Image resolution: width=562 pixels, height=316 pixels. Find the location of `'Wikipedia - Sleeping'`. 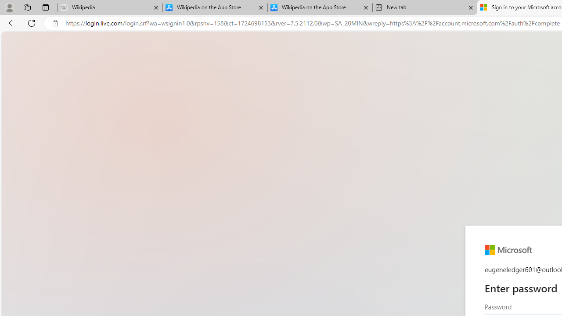

'Wikipedia - Sleeping' is located at coordinates (109, 7).